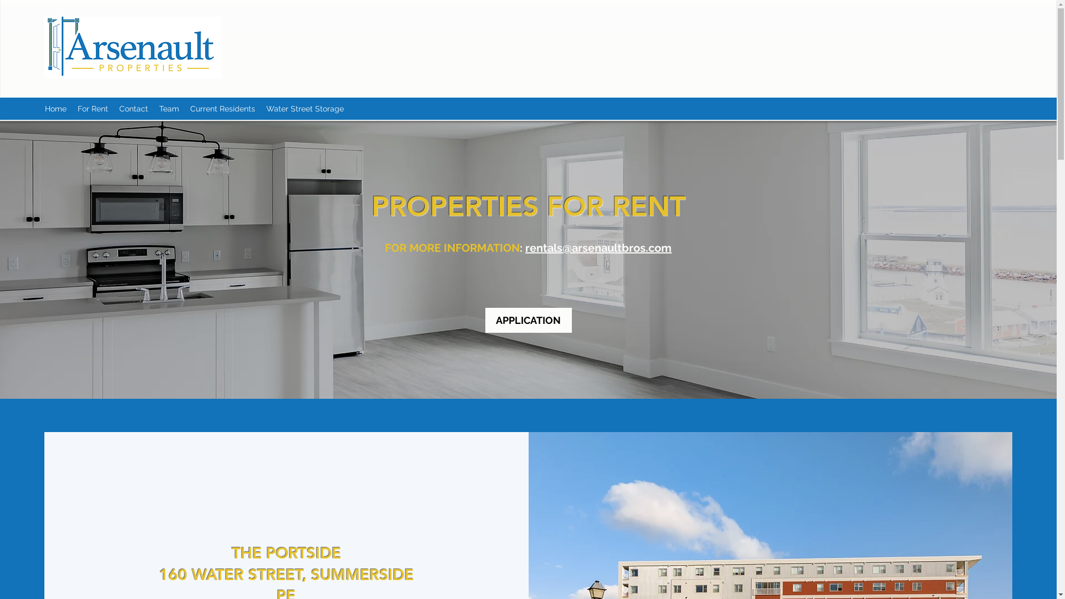 Image resolution: width=1065 pixels, height=599 pixels. What do you see at coordinates (527, 320) in the screenshot?
I see `'APPLICATION'` at bounding box center [527, 320].